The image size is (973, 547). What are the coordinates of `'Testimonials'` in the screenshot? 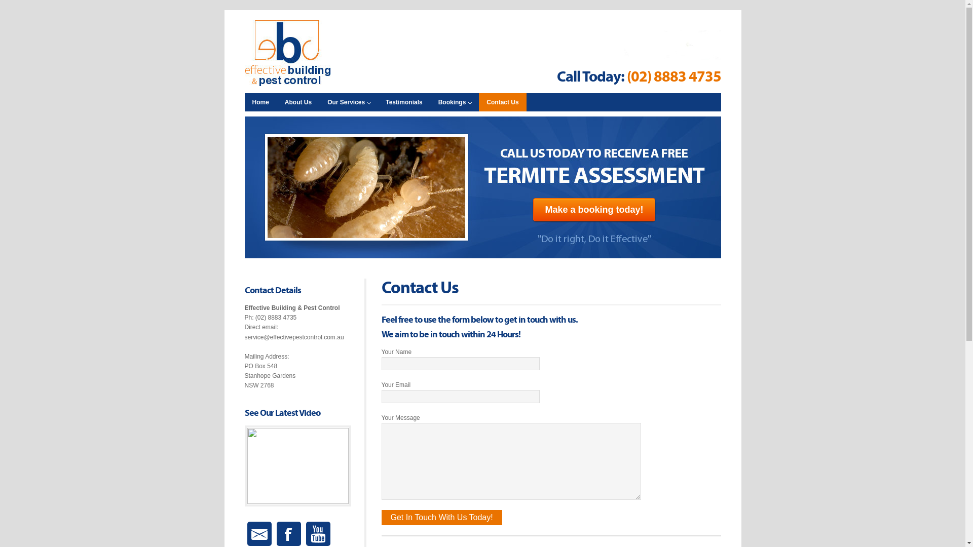 It's located at (403, 102).